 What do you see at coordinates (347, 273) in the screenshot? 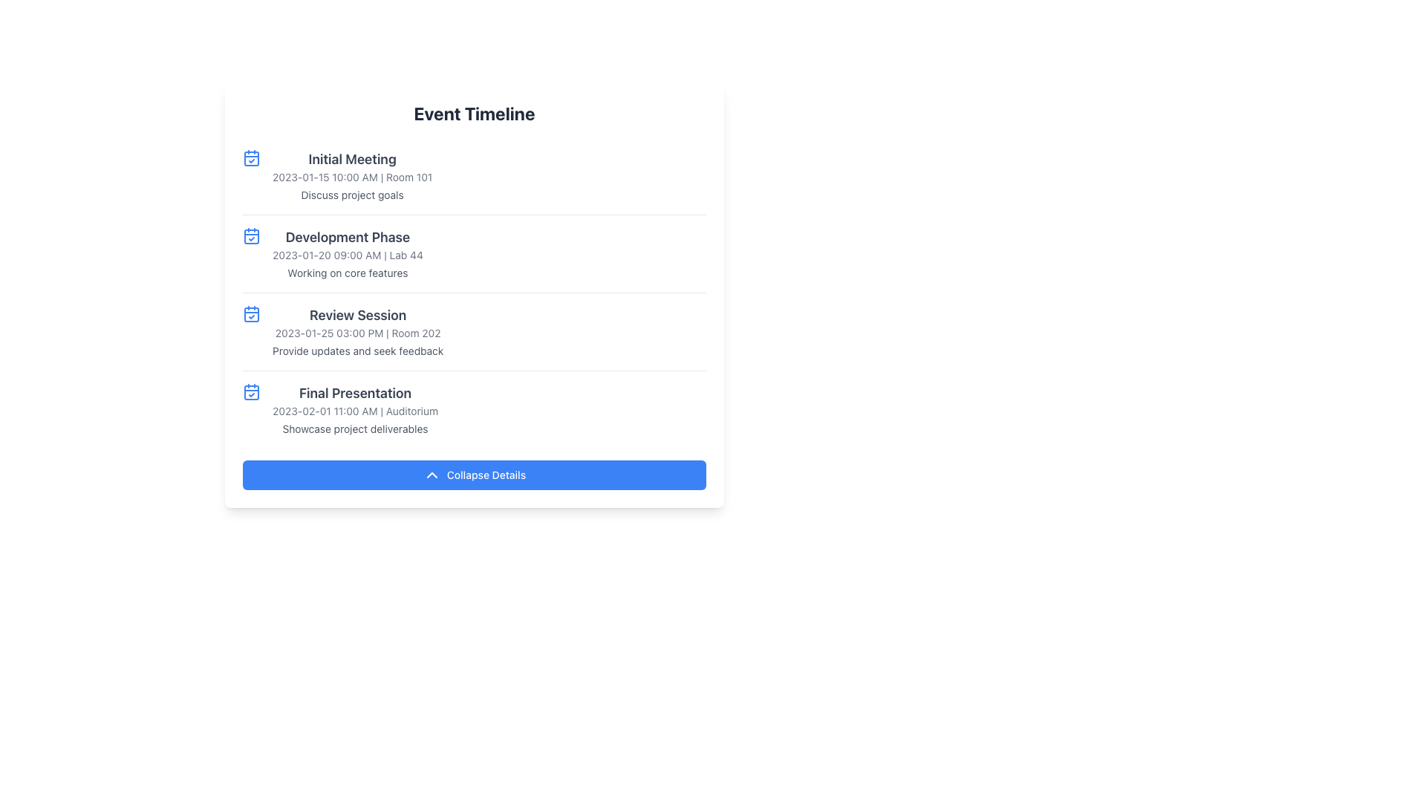
I see `text content of the non-interactive Text Label that provides additional information about the 'Development Phase' event in the timeline` at bounding box center [347, 273].